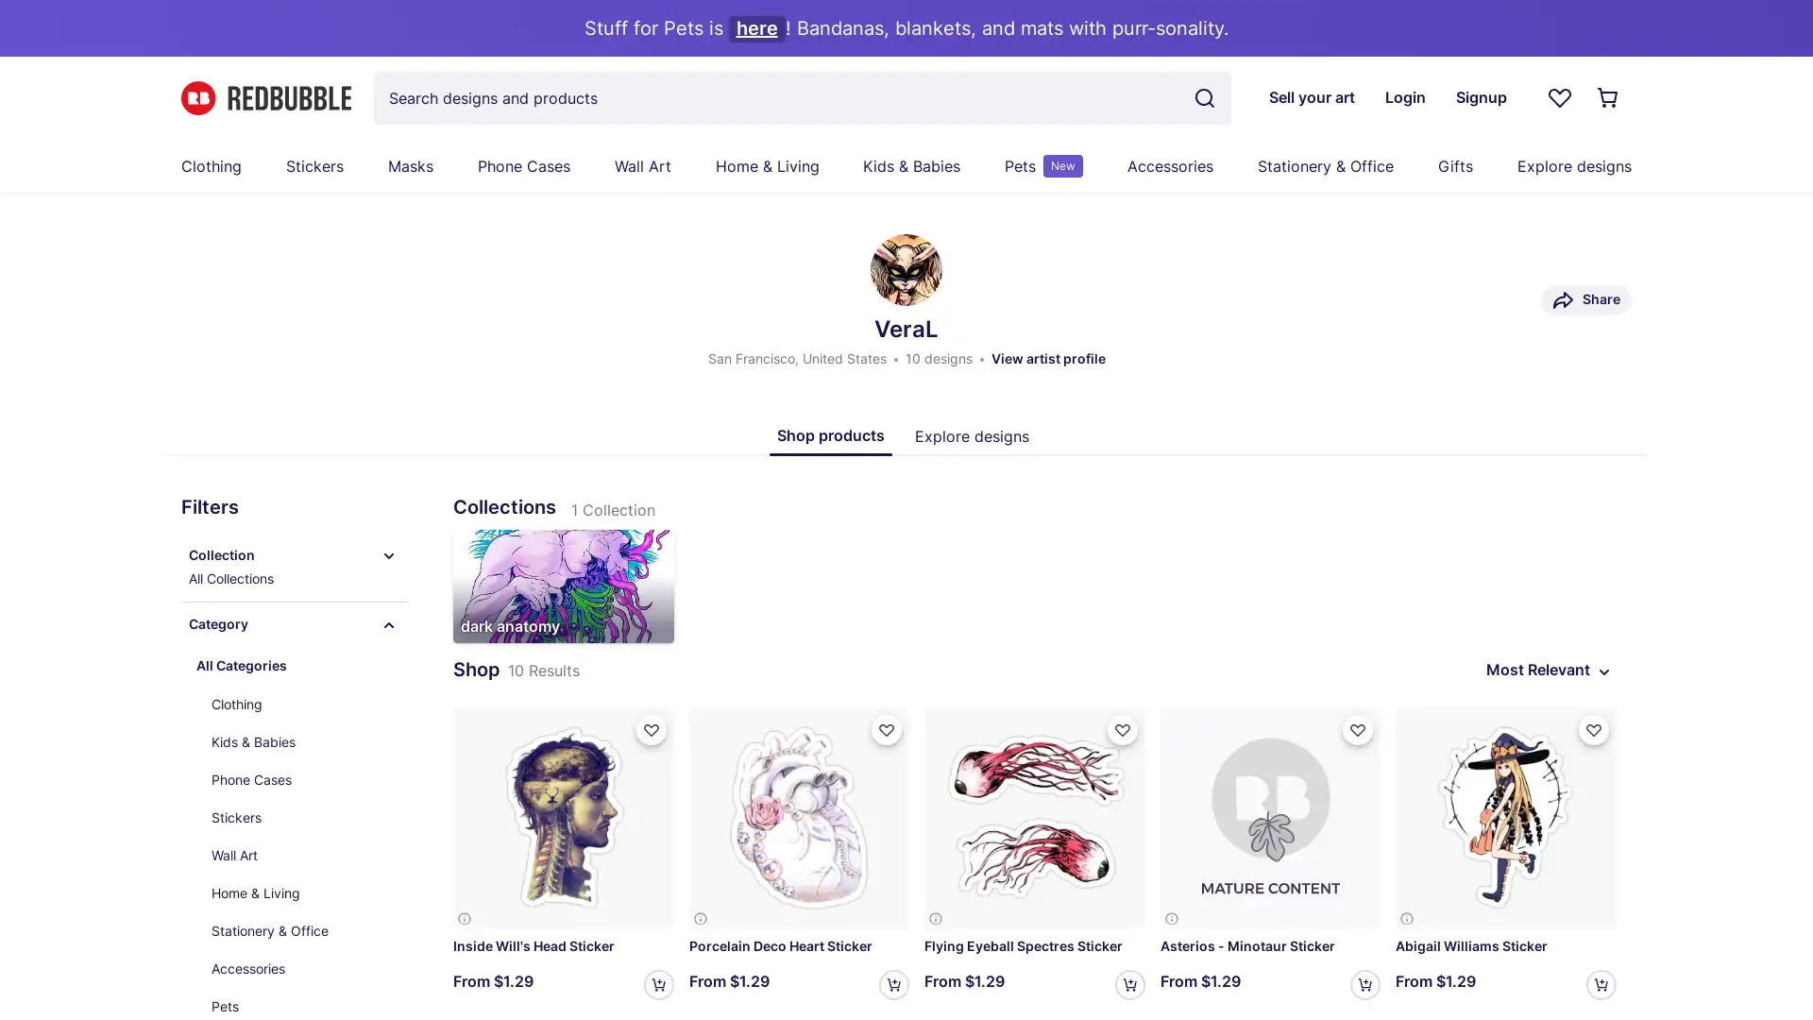 Image resolution: width=1813 pixels, height=1020 pixels. What do you see at coordinates (1122, 728) in the screenshot?
I see `Favorite` at bounding box center [1122, 728].